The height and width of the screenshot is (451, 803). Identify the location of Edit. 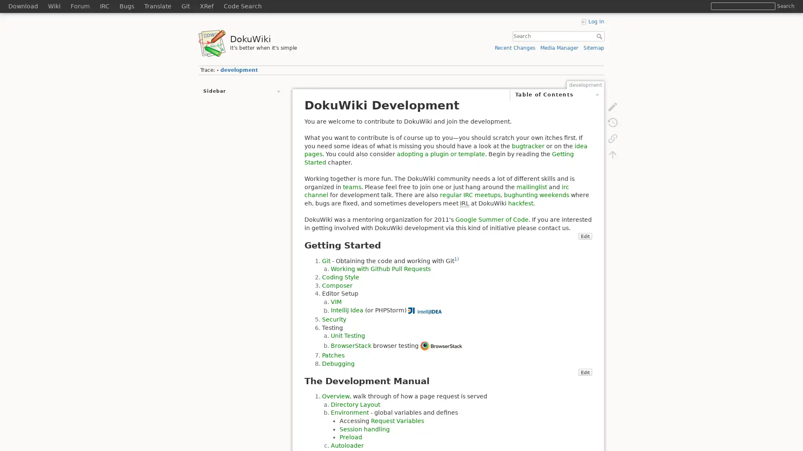
(584, 244).